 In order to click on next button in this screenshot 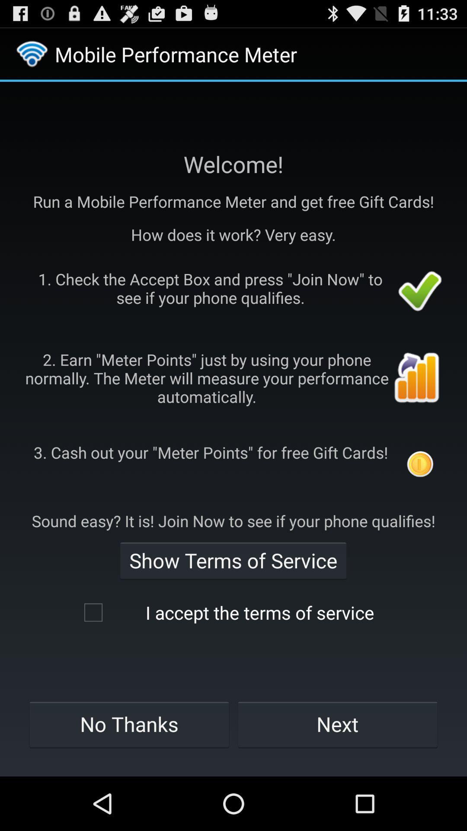, I will do `click(337, 724)`.